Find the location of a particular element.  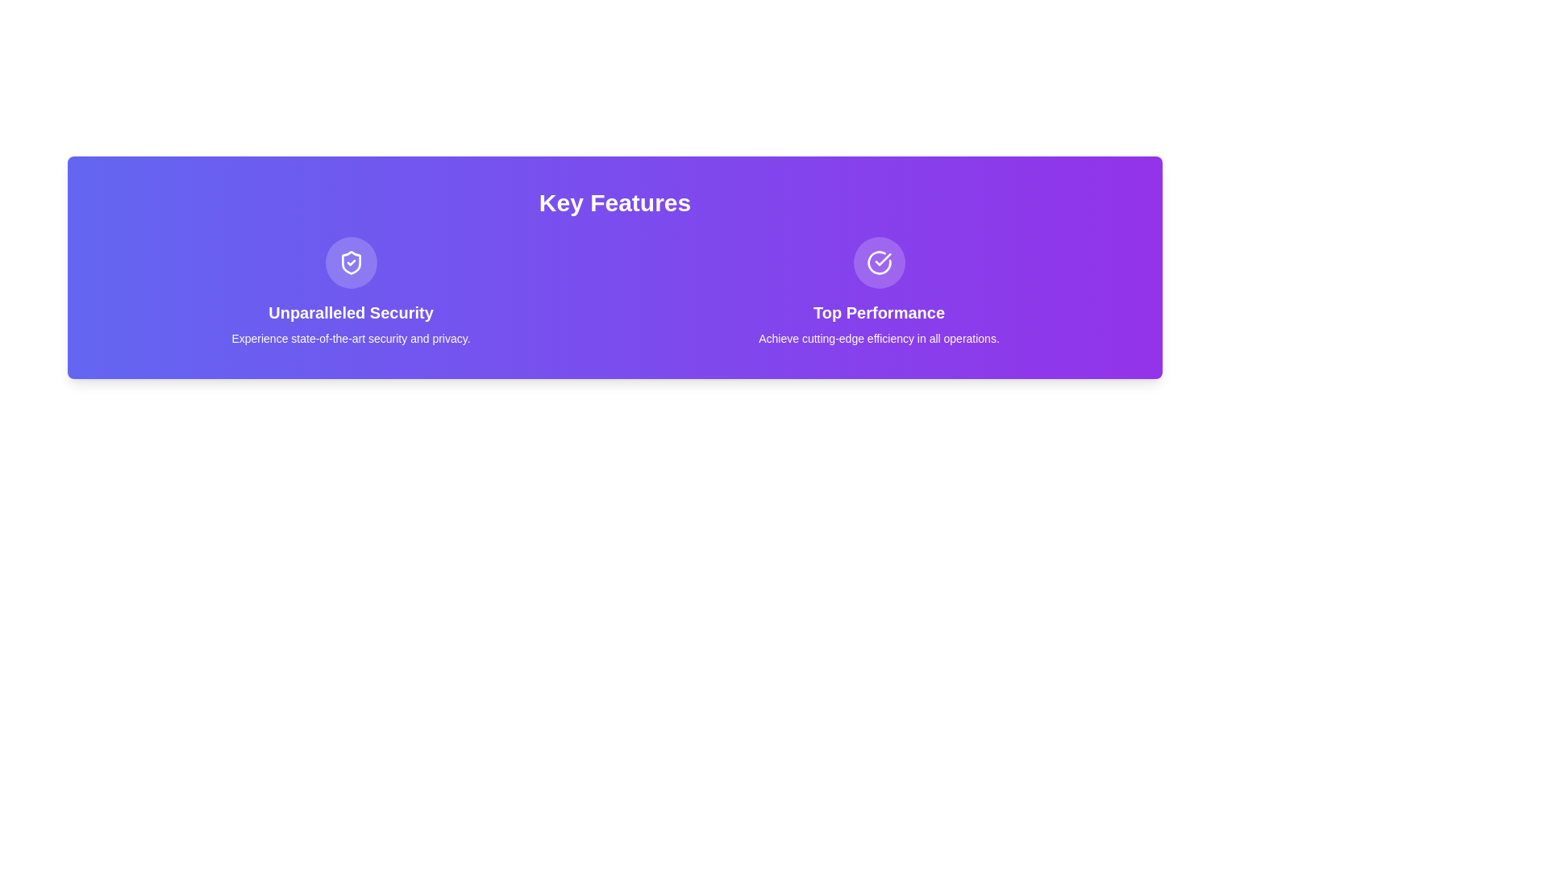

the 'checked' icon in the circular graphic on the 'Top Performance' feature card, which visually indicates the verified status of the feature is located at coordinates (882, 258).